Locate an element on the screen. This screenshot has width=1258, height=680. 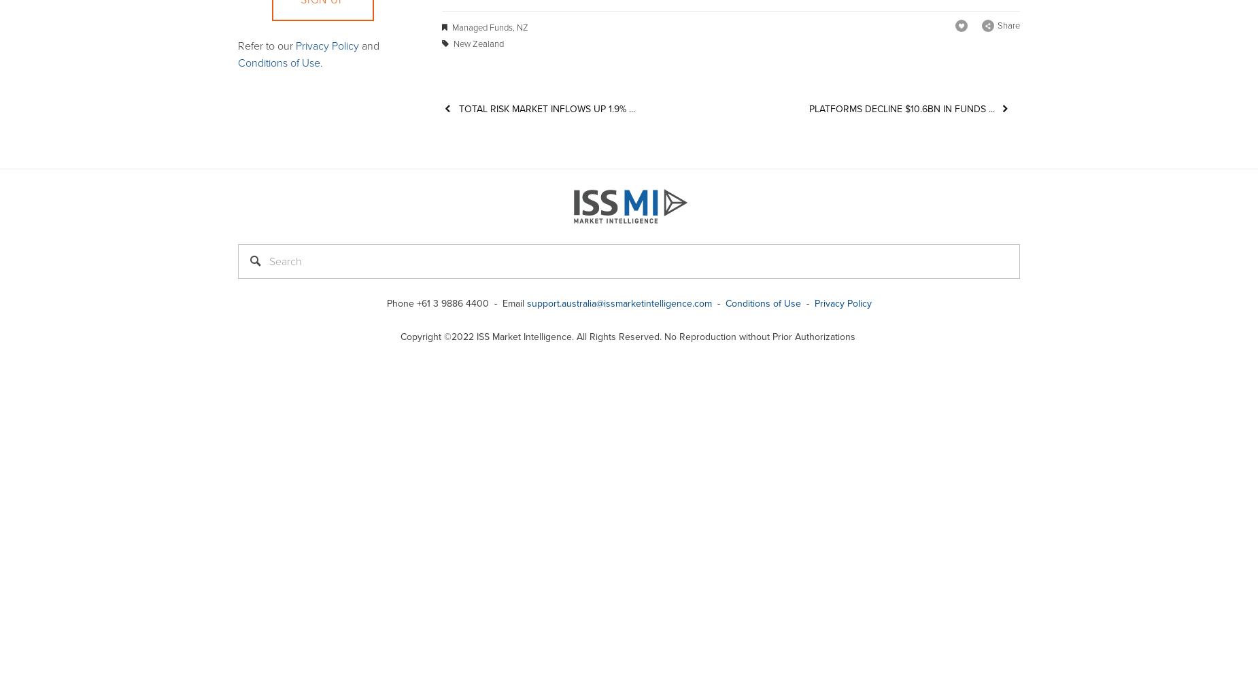
'Phone +61 3 9886 4400  -  Email' is located at coordinates (456, 303).